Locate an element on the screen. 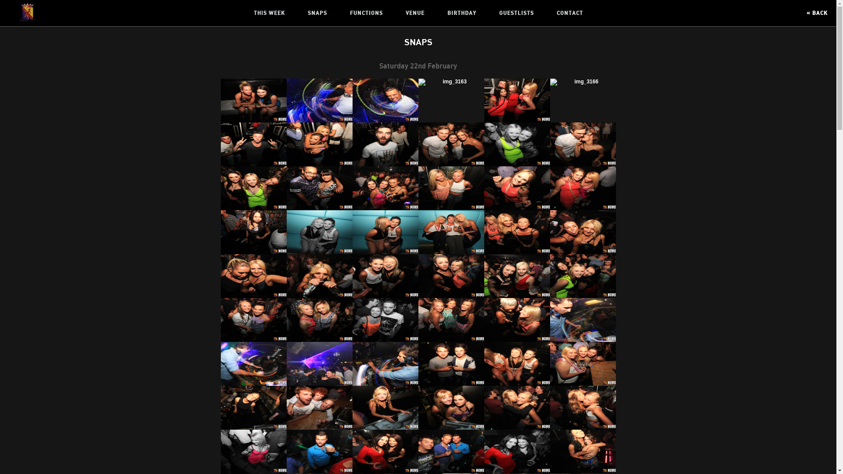 The image size is (843, 474). ' ' is located at coordinates (318, 275).